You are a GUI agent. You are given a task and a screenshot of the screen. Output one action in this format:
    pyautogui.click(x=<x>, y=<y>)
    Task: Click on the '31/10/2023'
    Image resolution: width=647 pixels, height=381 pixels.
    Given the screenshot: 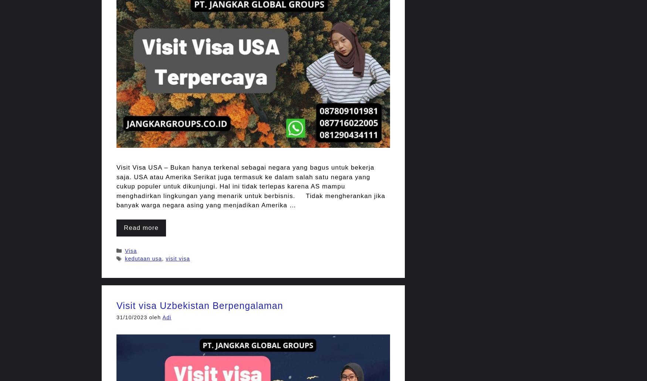 What is the action you would take?
    pyautogui.click(x=132, y=317)
    